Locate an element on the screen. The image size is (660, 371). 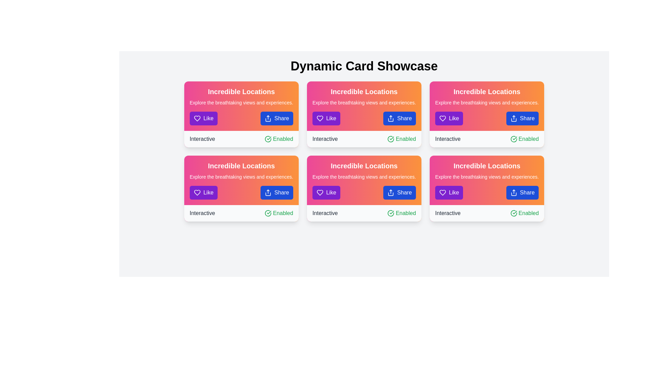
the heart icon representing the 'like' action, which is the leftmost component inside the 'Like' button located in the lower left section of the card is located at coordinates (197, 192).